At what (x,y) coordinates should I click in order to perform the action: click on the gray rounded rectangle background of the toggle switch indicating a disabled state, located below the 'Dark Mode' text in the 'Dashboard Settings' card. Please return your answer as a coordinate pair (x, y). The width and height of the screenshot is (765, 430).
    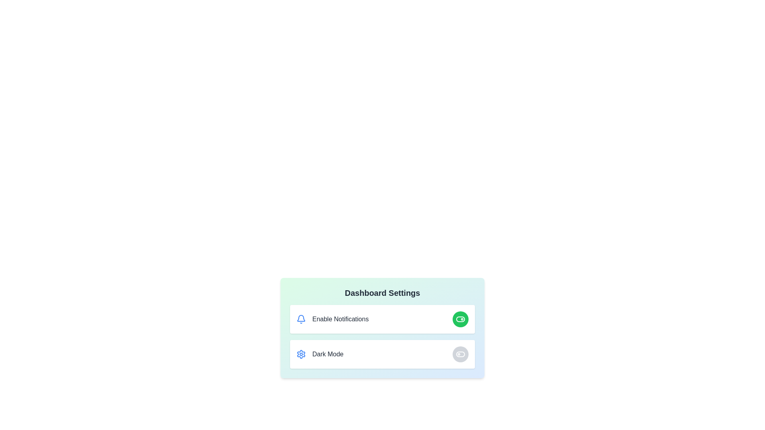
    Looking at the image, I should click on (461, 354).